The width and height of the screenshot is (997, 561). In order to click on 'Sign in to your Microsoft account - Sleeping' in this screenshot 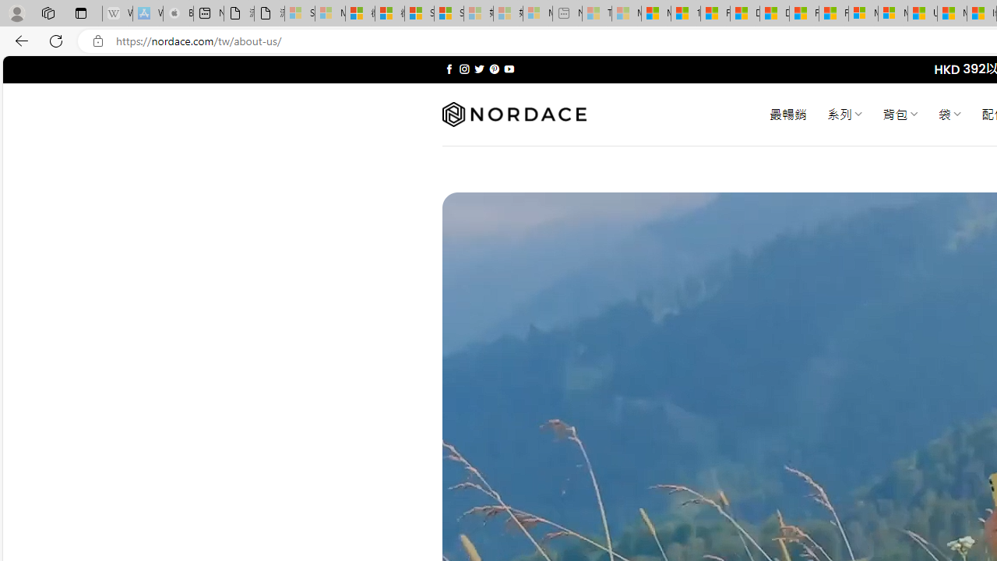, I will do `click(300, 13)`.